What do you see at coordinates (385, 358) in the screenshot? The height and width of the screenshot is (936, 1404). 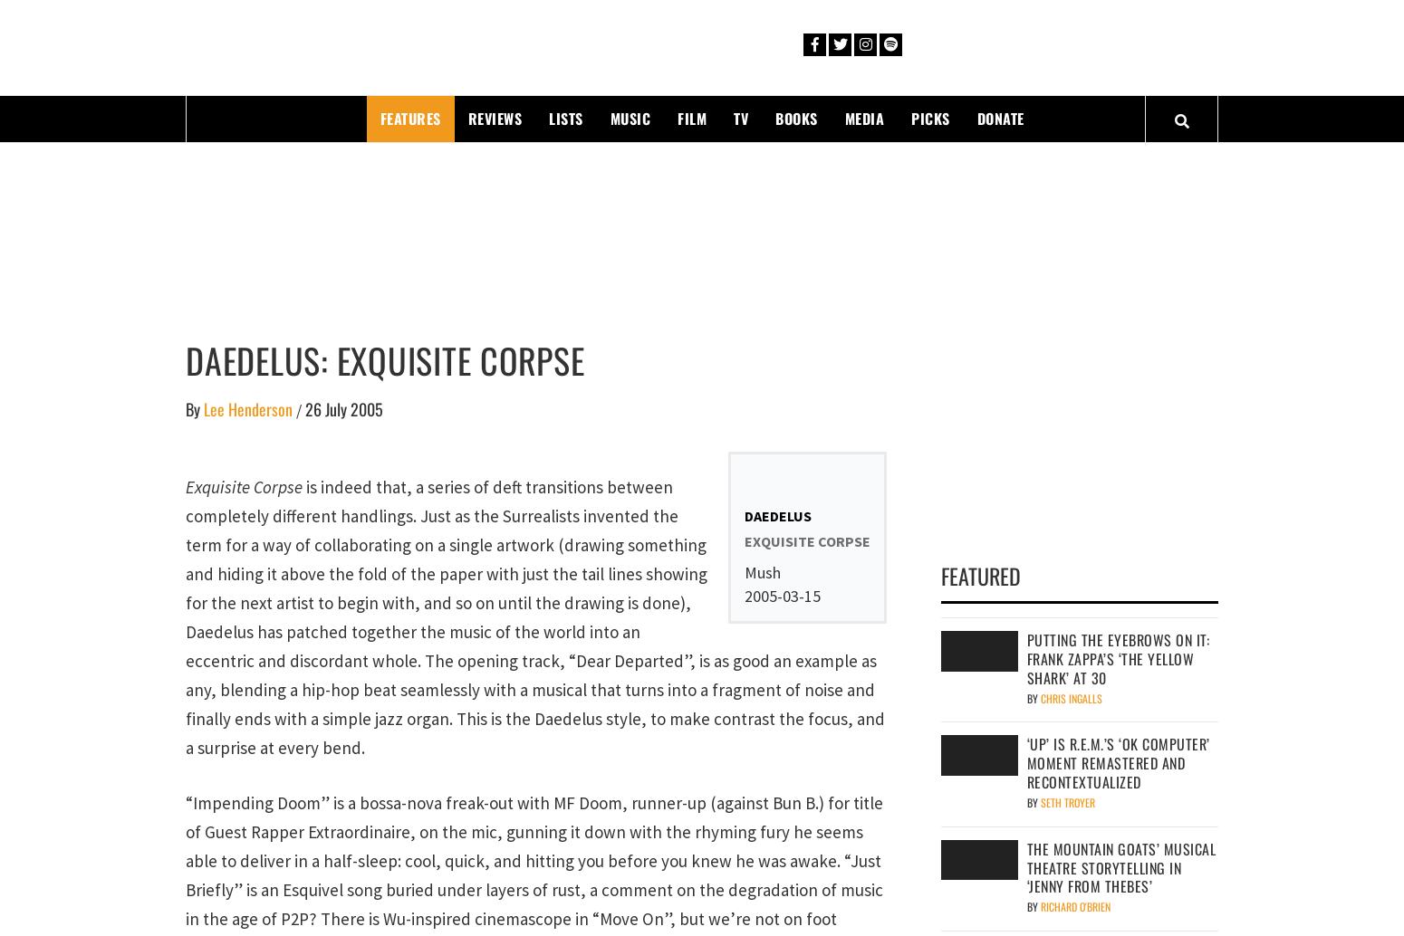 I see `'Daedelus: Exquisite Corpse'` at bounding box center [385, 358].